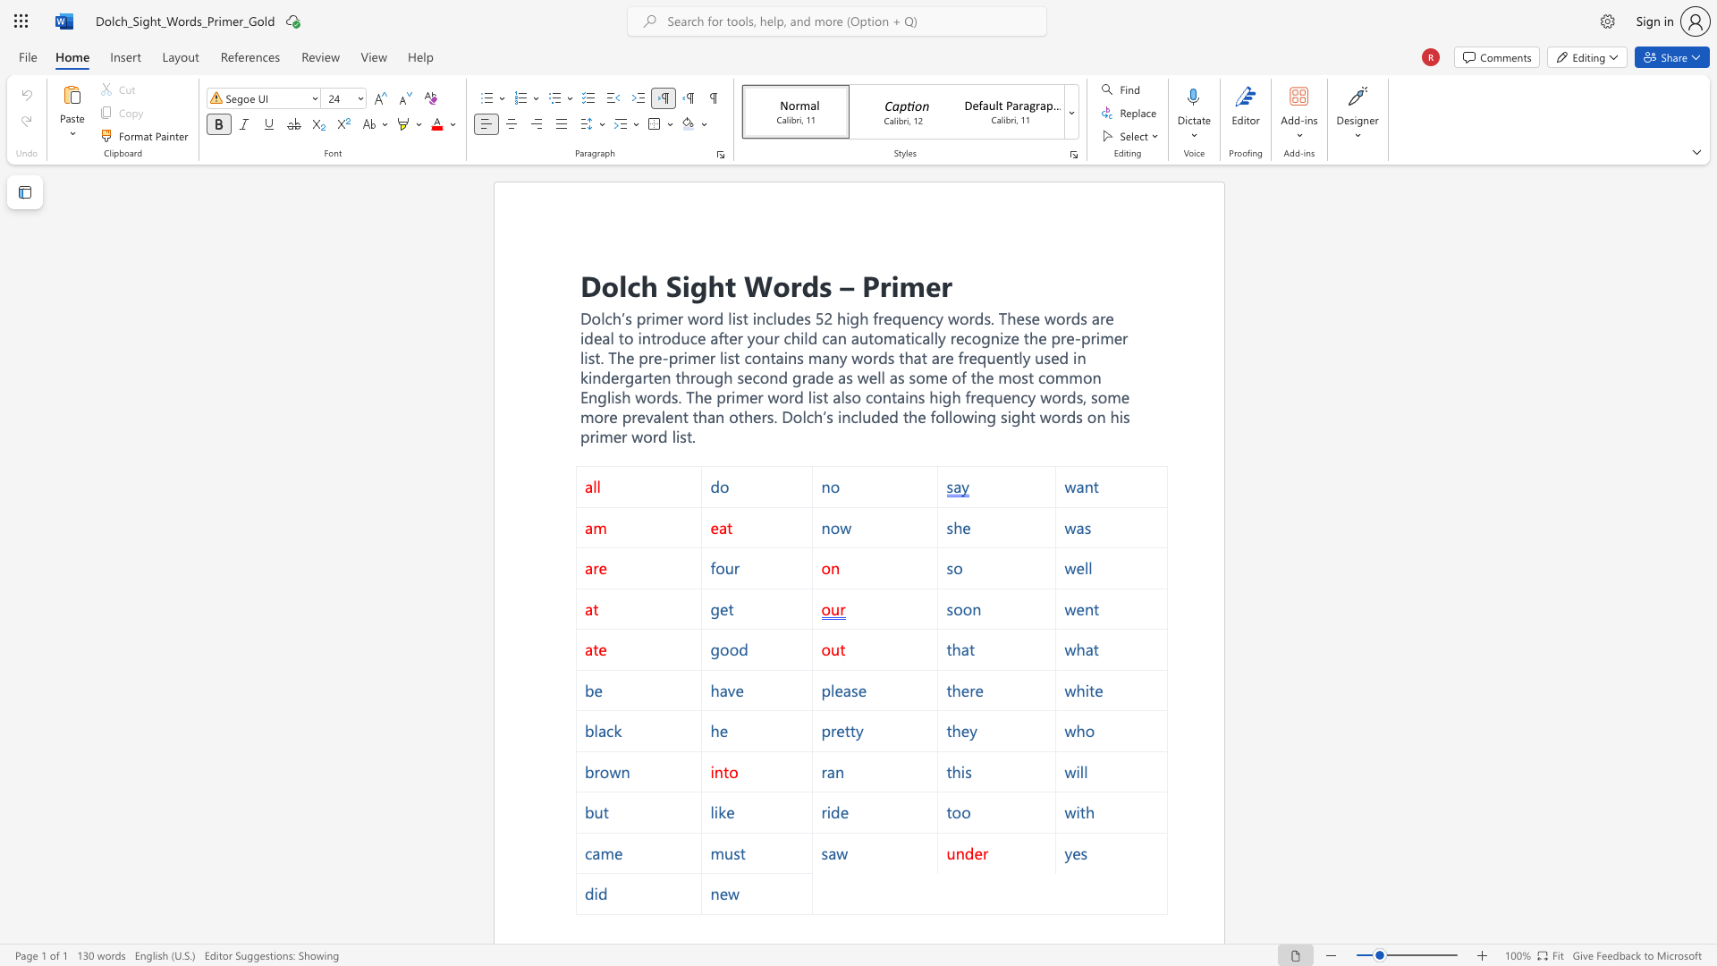  I want to click on the subset text "wing sight words on his primer word list." within the text "high frequency words, some more prevalent than others. Dolch’s included the following sight words on his primer word list.", so click(960, 417).